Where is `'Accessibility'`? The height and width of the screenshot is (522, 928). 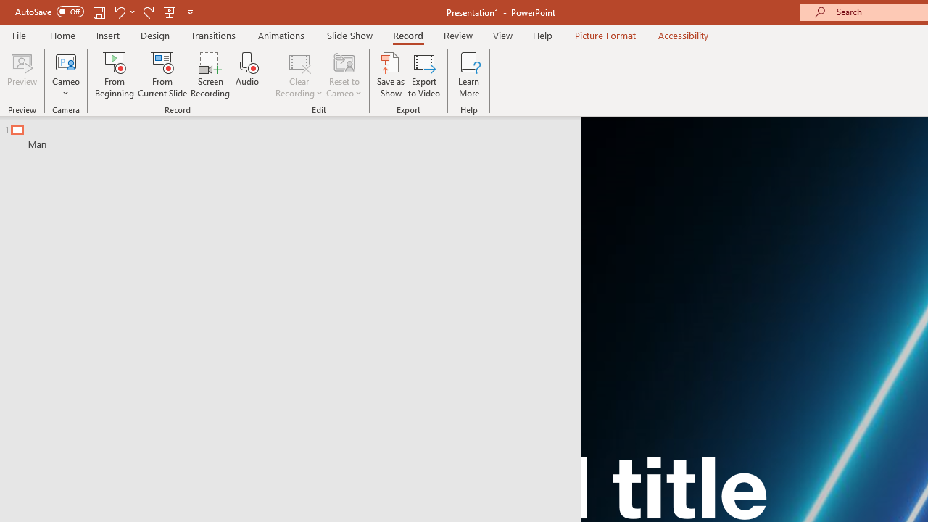 'Accessibility' is located at coordinates (682, 35).